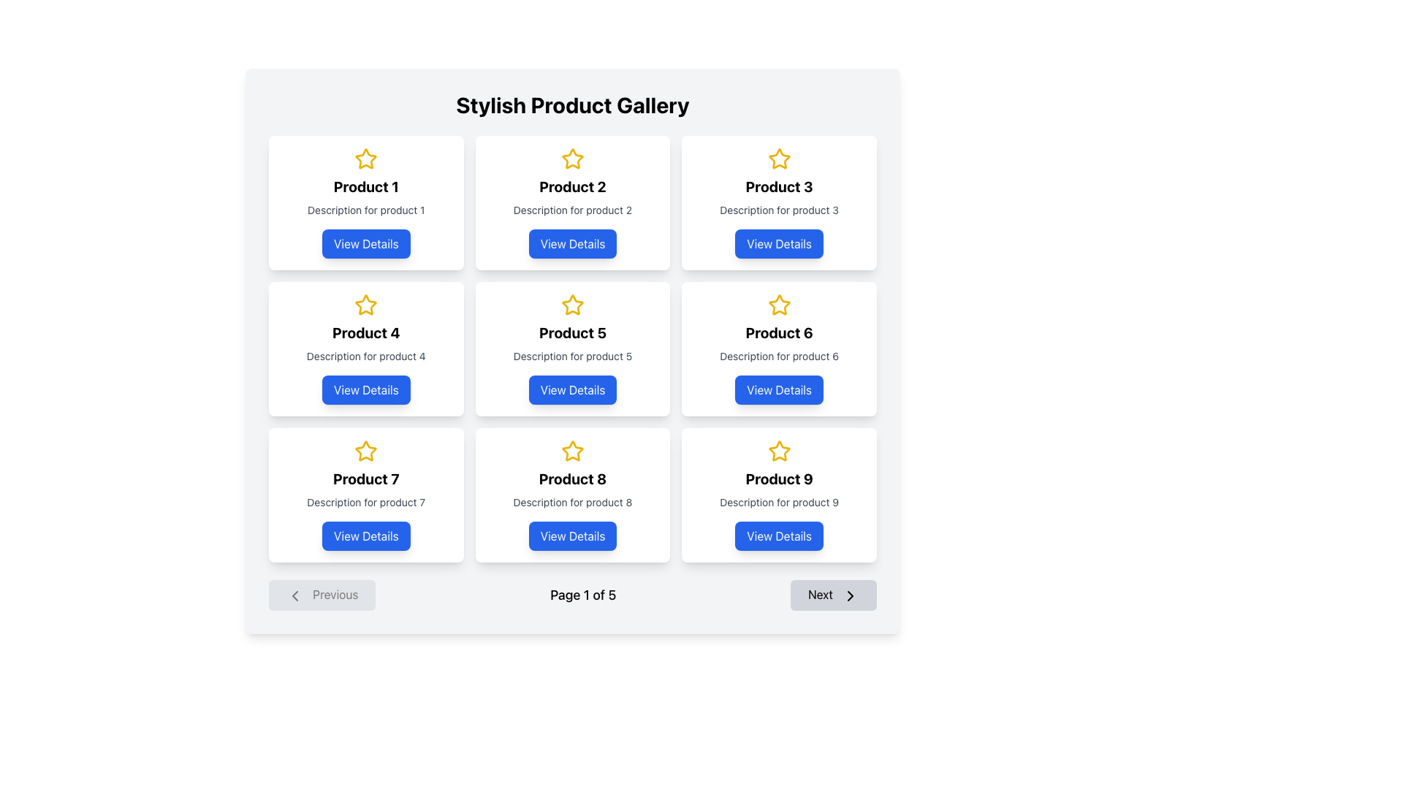 The height and width of the screenshot is (789, 1403). What do you see at coordinates (778, 450) in the screenshot?
I see `the favorite icon located above the 'Product 9' label in the product grid to mark or unmark the item as favorite` at bounding box center [778, 450].